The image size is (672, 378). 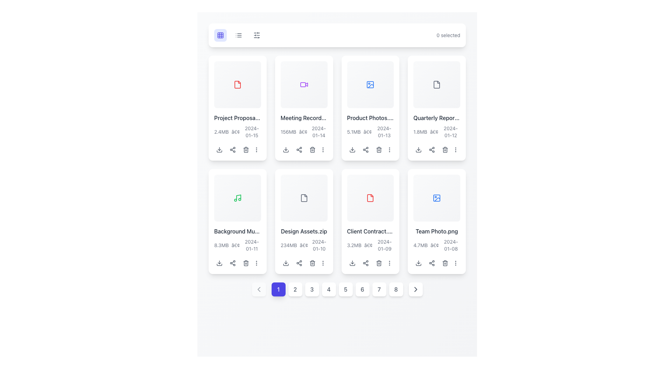 I want to click on the delete icon button located in the third card of the top row in the grid layout, positioned between the 'share' icon and the 'more actions' icon, so click(x=378, y=149).